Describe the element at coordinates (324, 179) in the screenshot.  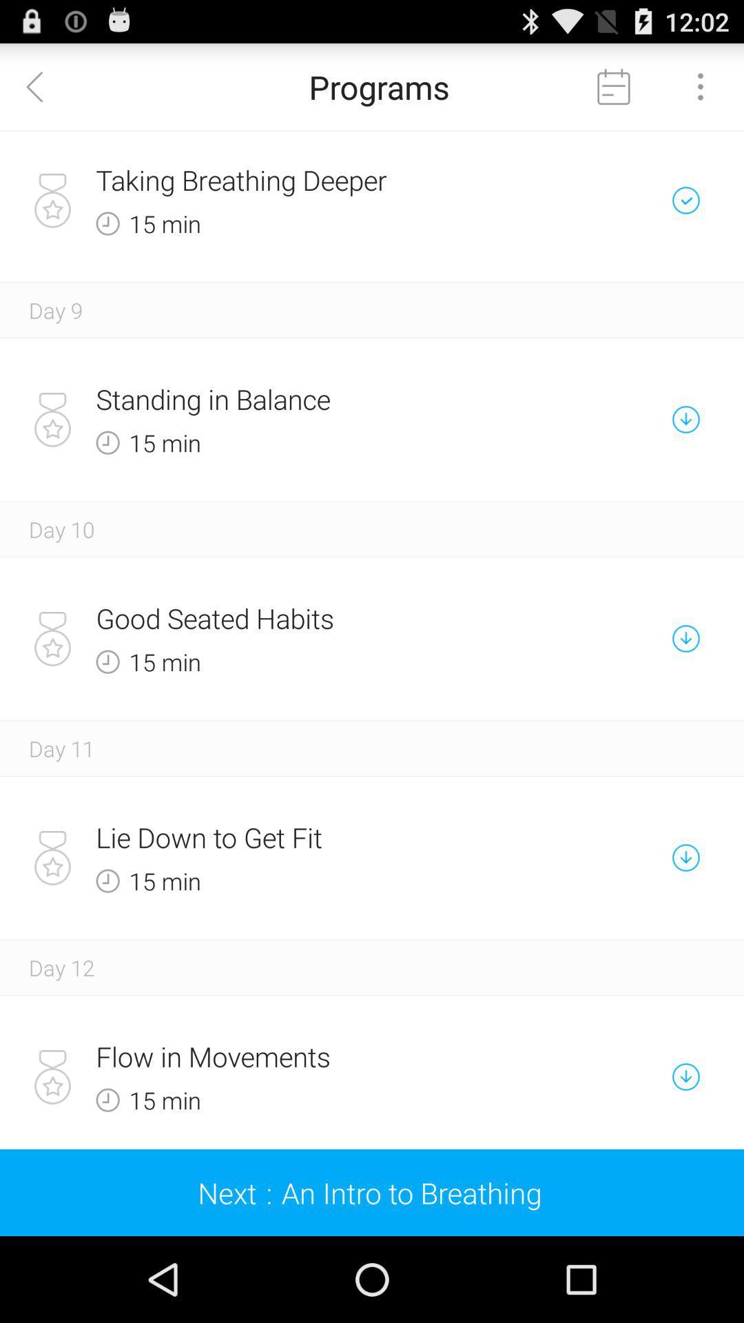
I see `the item above 15 min item` at that location.